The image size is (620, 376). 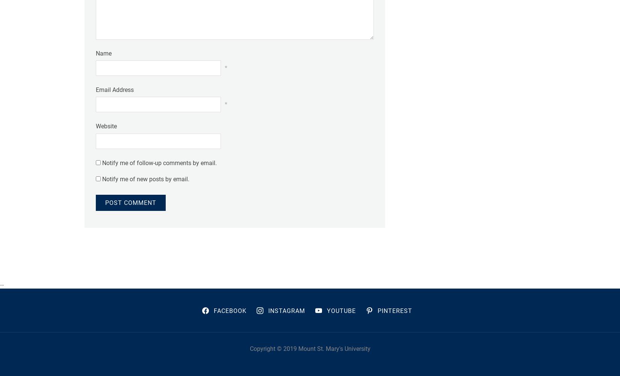 I want to click on 'Name', so click(x=104, y=53).